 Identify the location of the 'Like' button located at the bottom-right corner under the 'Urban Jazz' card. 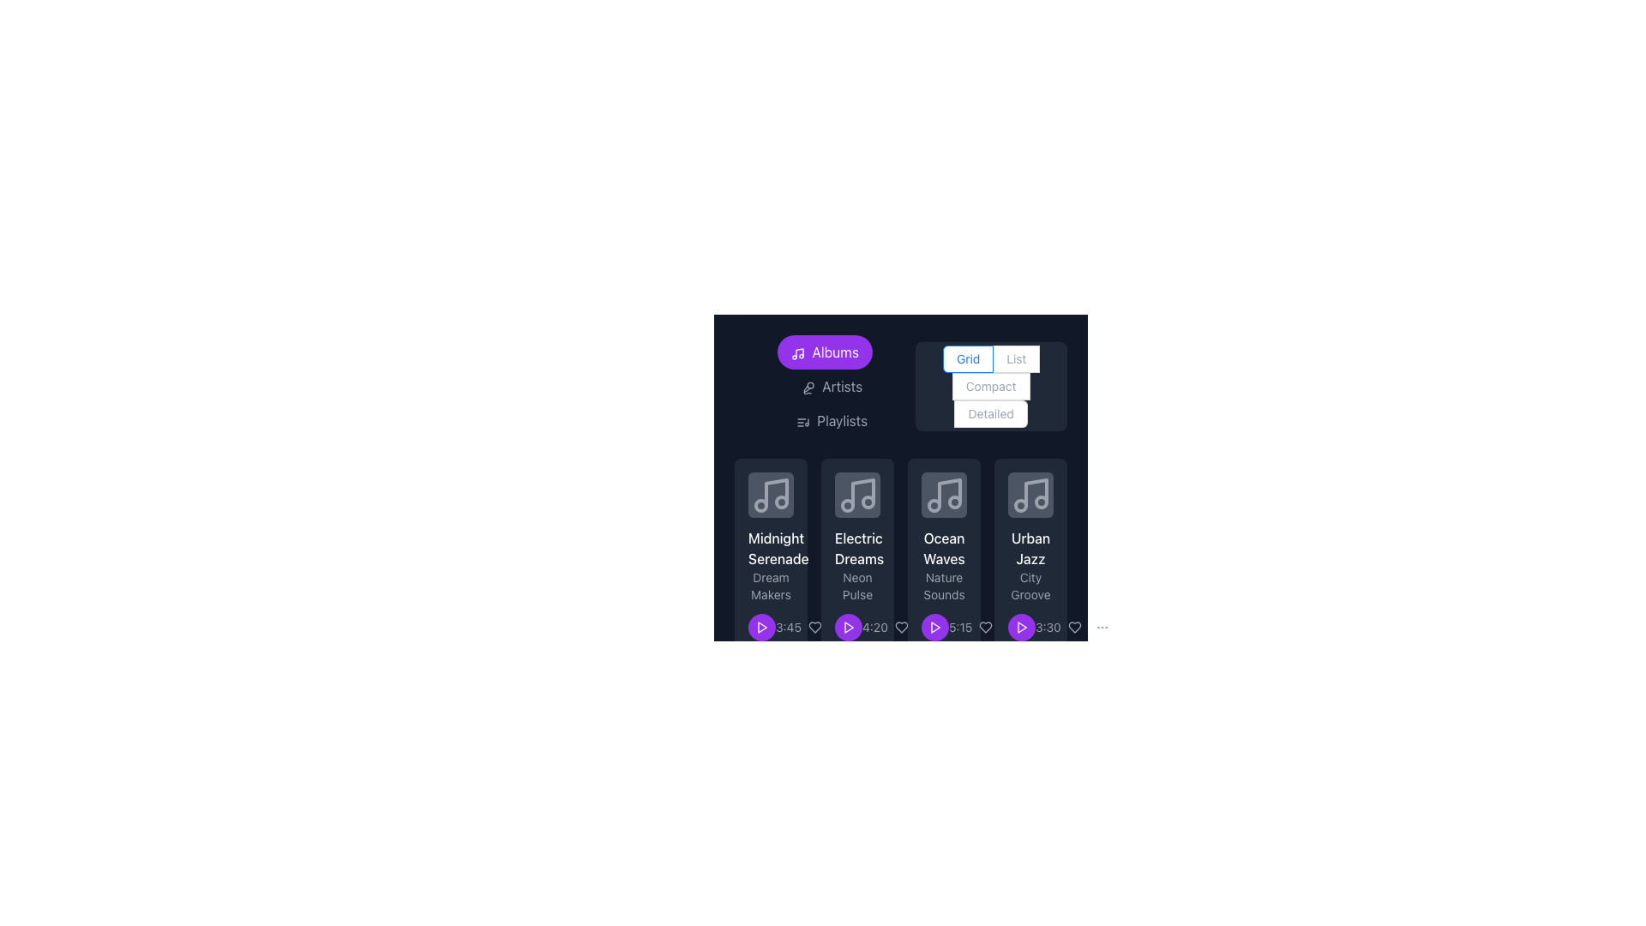
(1073, 628).